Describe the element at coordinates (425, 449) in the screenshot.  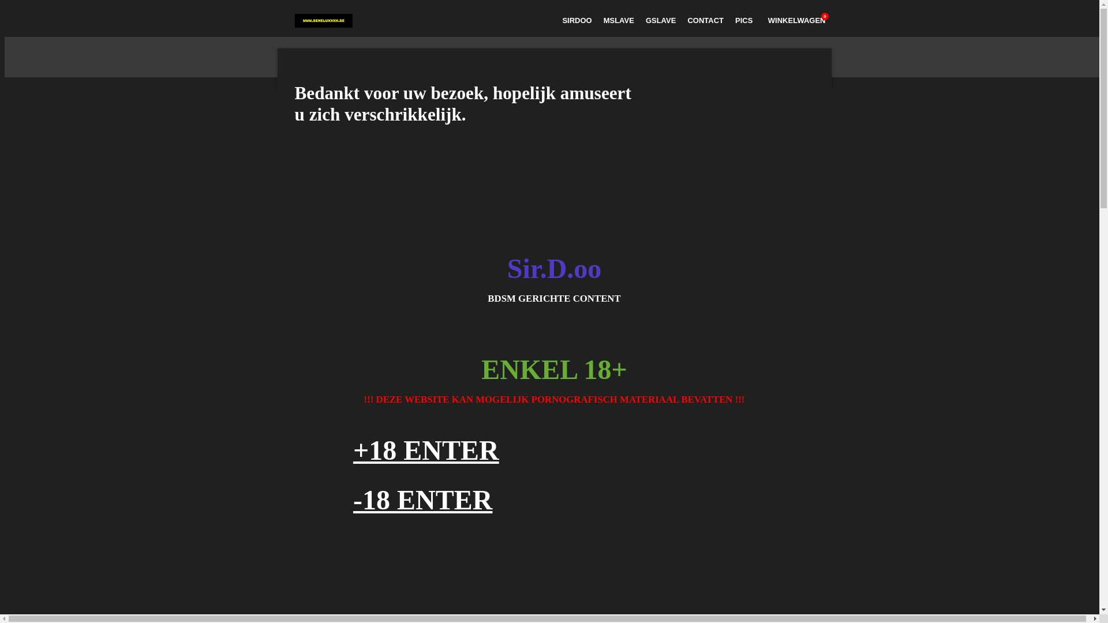
I see `'+18 ENTER'` at that location.